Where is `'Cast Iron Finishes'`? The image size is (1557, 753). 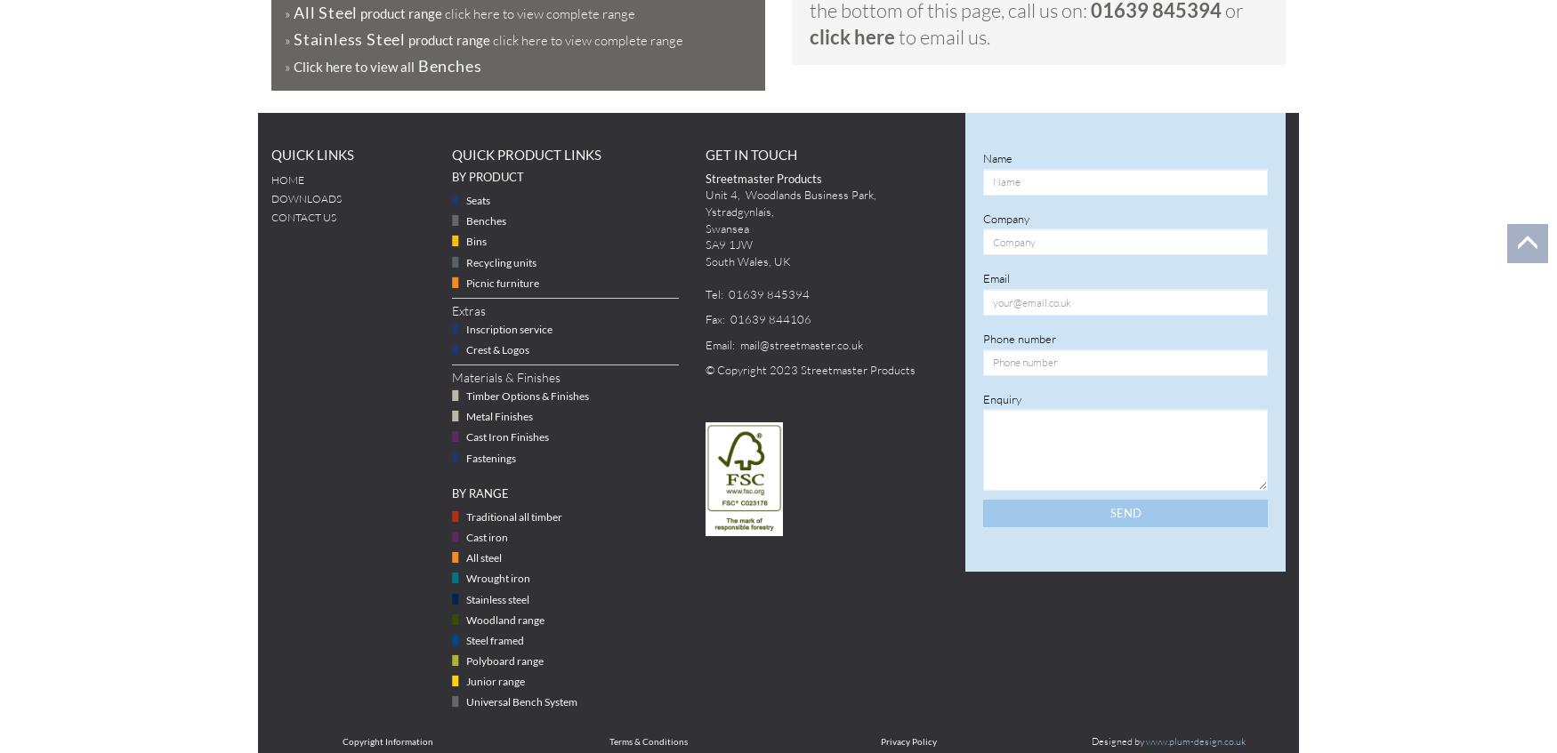 'Cast Iron Finishes' is located at coordinates (507, 436).